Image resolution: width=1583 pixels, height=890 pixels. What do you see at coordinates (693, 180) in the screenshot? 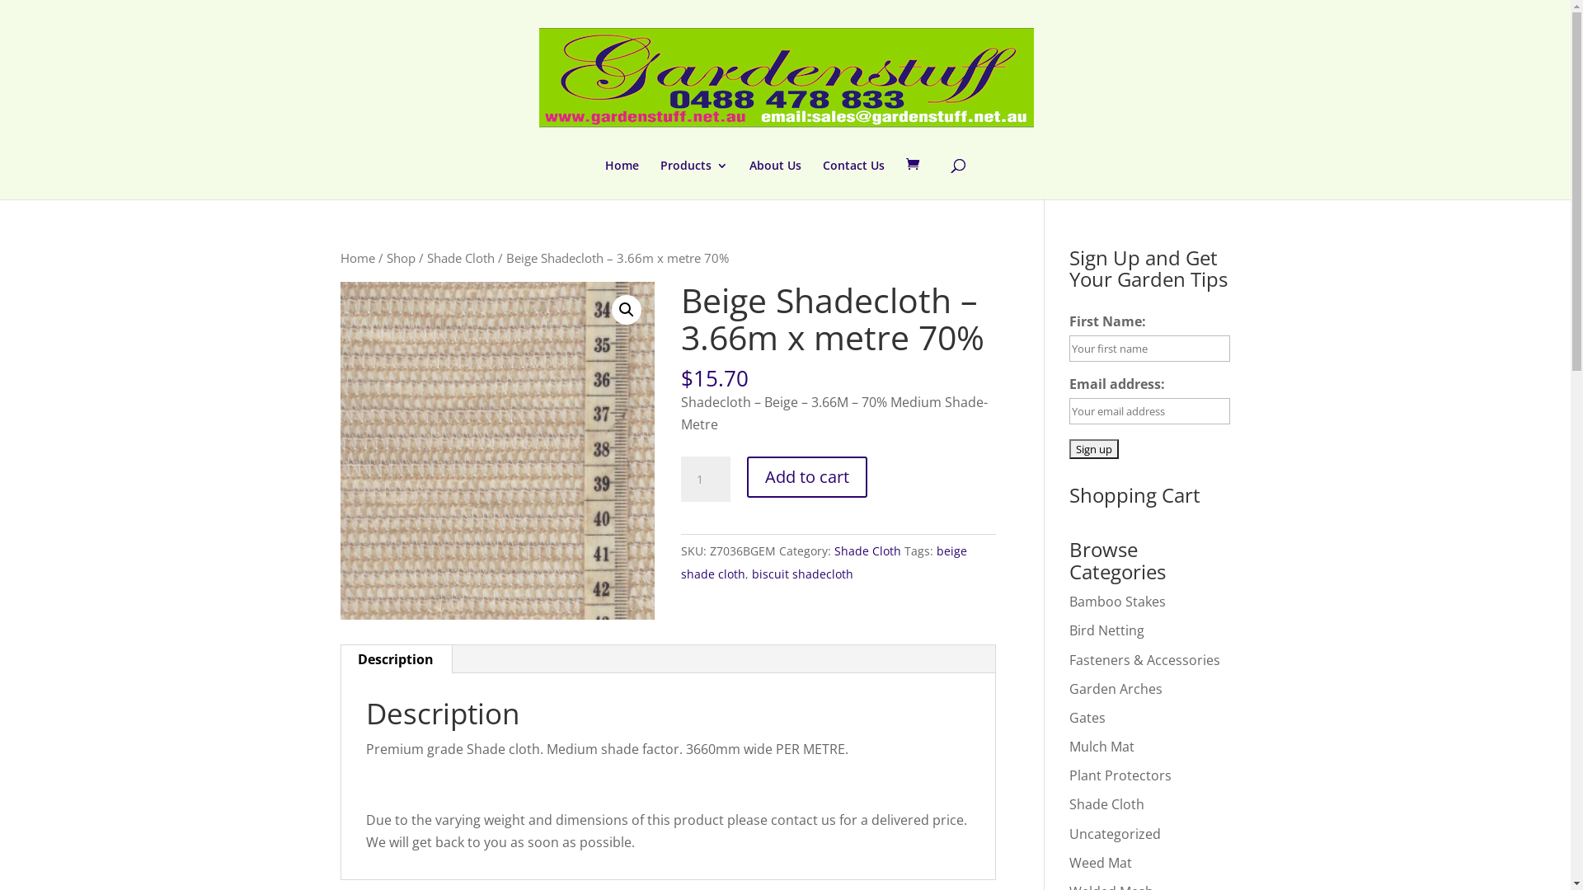
I see `'Products'` at bounding box center [693, 180].